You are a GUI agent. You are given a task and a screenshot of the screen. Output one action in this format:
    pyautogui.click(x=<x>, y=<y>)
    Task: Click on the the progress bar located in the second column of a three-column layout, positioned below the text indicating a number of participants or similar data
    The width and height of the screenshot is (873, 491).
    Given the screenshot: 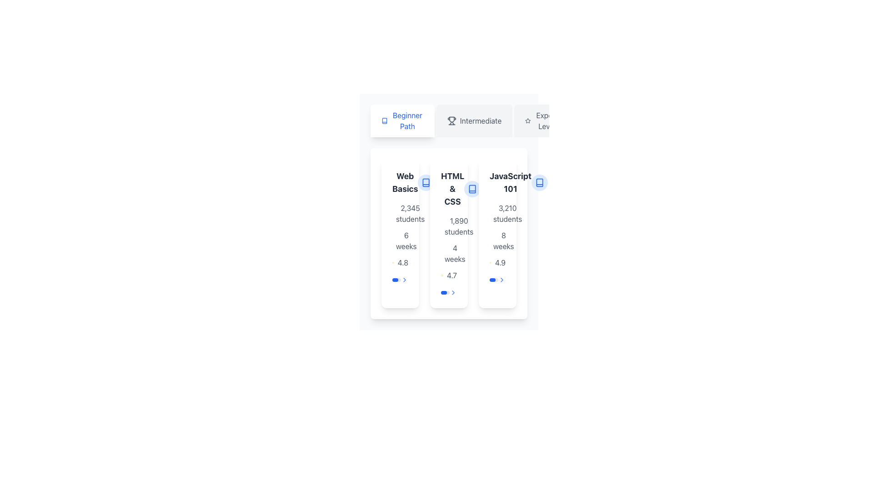 What is the action you would take?
    pyautogui.click(x=445, y=293)
    